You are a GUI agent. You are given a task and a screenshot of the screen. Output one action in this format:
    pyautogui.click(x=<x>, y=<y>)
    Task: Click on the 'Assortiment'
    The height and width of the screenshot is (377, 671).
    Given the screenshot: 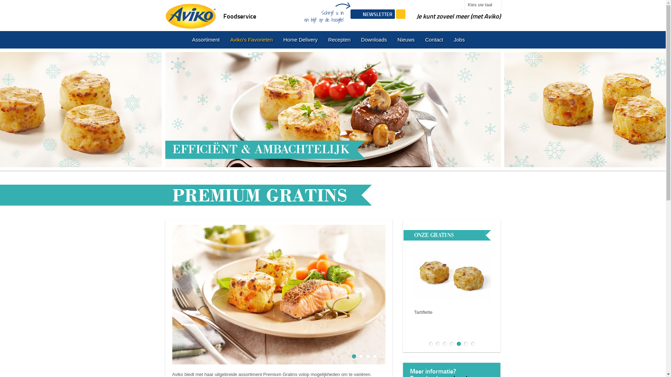 What is the action you would take?
    pyautogui.click(x=205, y=40)
    